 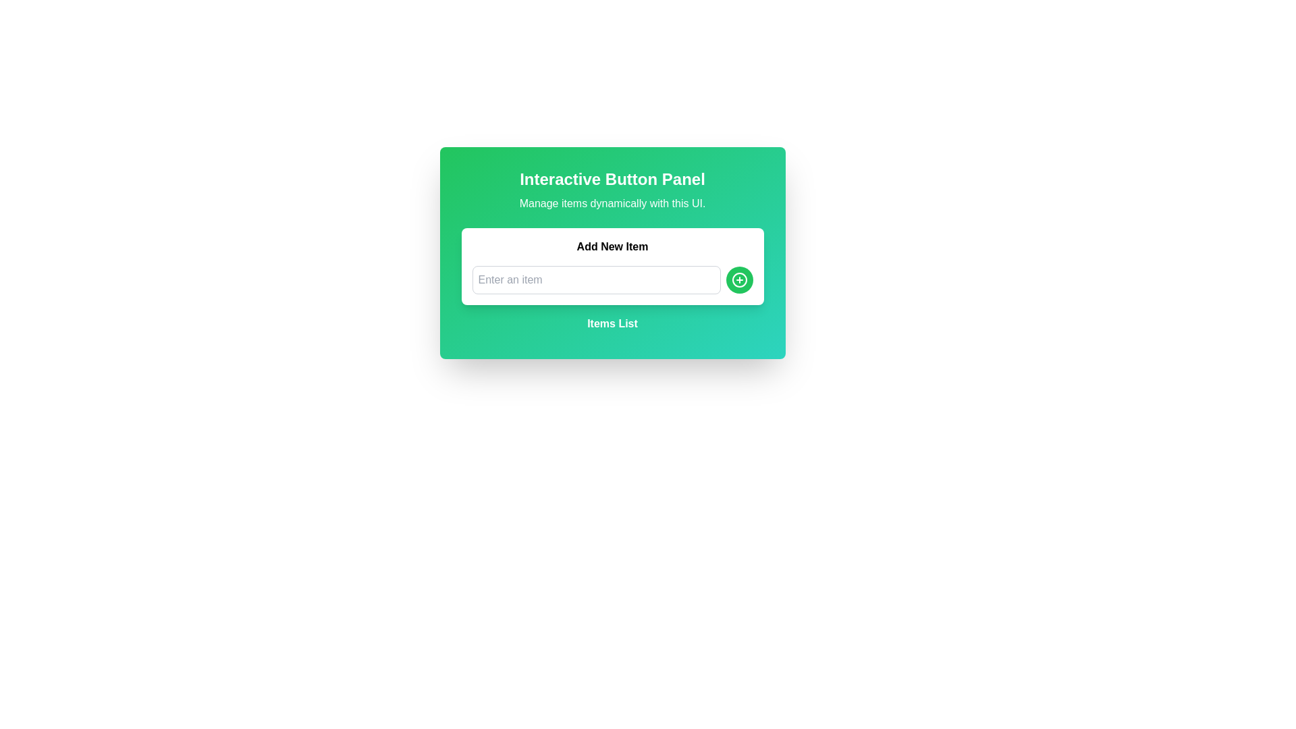 I want to click on the Text label that serves as a title for the panel, located at the top of the central content box above the subtitle 'Manage items dynamically with this UI.', so click(x=612, y=179).